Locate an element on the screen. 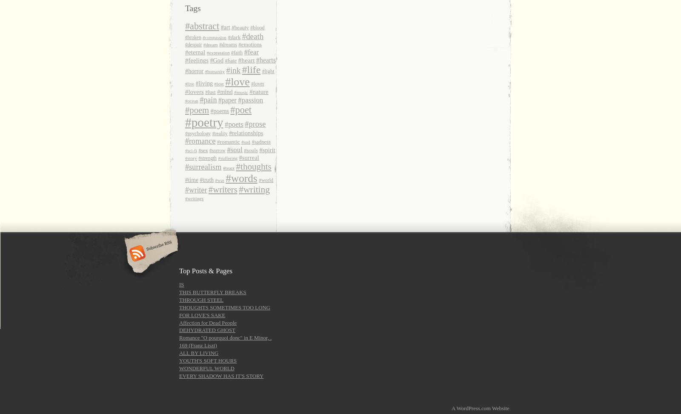 Image resolution: width=681 pixels, height=414 pixels. 'THOUGHTS SOMETIMES TOO LONG FOR LOVE'S SAKE' is located at coordinates (224, 310).